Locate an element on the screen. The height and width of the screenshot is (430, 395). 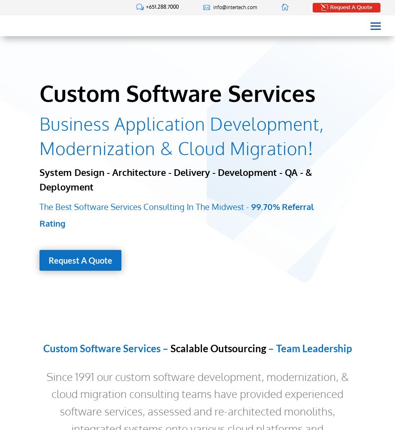
'l' is located at coordinates (323, 7).